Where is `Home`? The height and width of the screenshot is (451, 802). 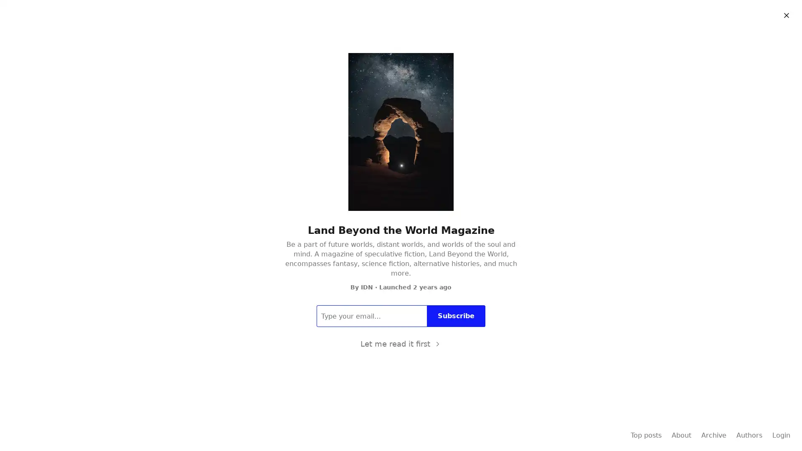 Home is located at coordinates (371, 36).